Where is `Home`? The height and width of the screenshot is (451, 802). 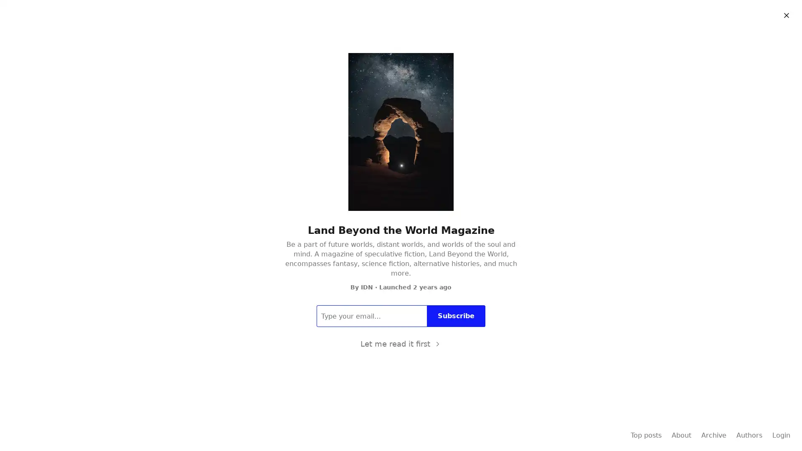 Home is located at coordinates (371, 36).